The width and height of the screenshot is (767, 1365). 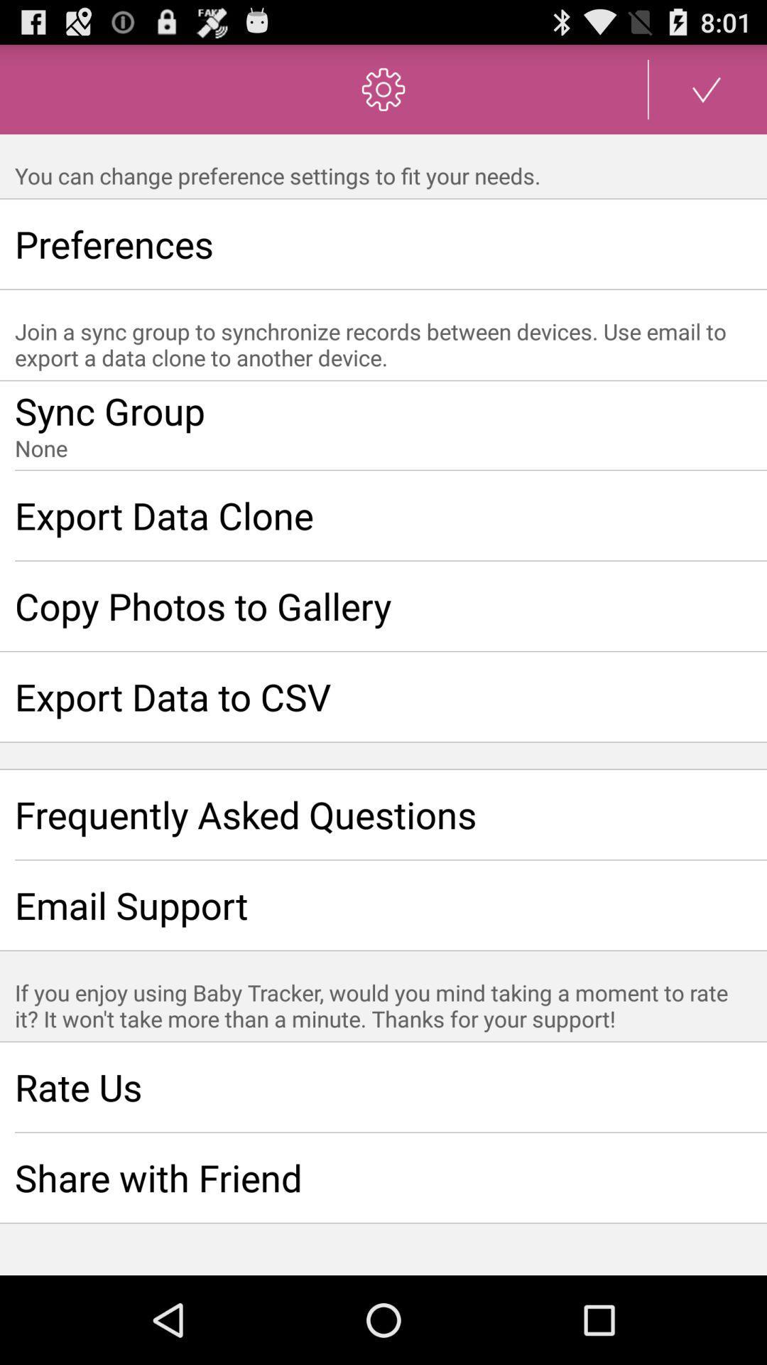 What do you see at coordinates (383, 244) in the screenshot?
I see `preferences item` at bounding box center [383, 244].